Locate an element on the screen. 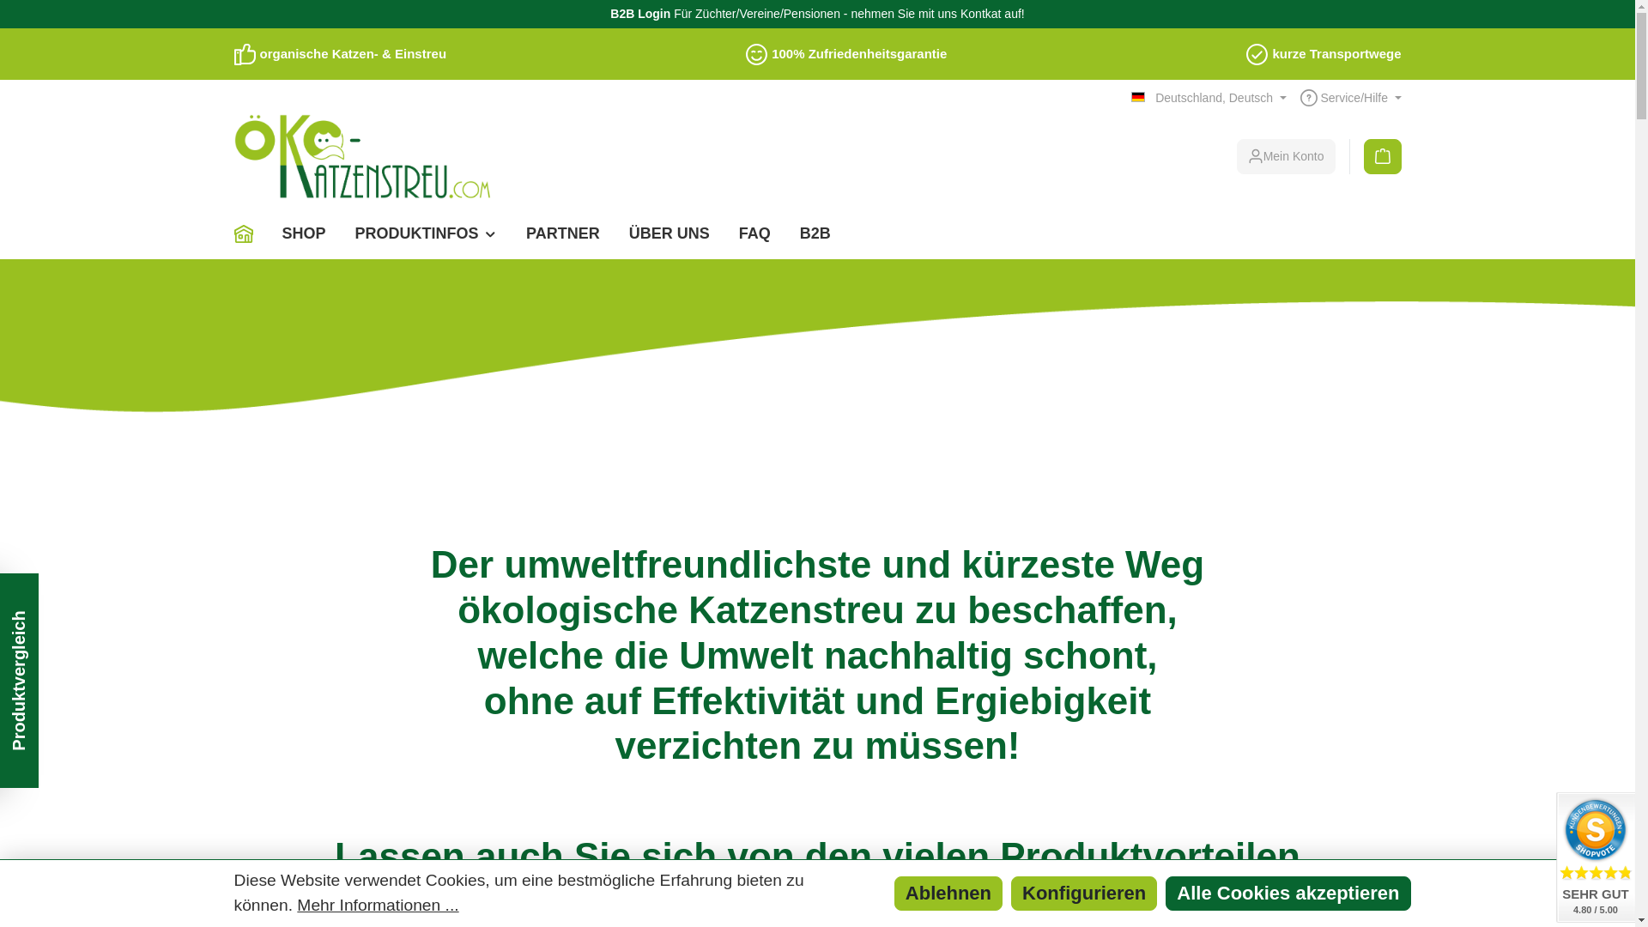 This screenshot has height=927, width=1648. 'Zur Startseite wechseln' is located at coordinates (361, 156).